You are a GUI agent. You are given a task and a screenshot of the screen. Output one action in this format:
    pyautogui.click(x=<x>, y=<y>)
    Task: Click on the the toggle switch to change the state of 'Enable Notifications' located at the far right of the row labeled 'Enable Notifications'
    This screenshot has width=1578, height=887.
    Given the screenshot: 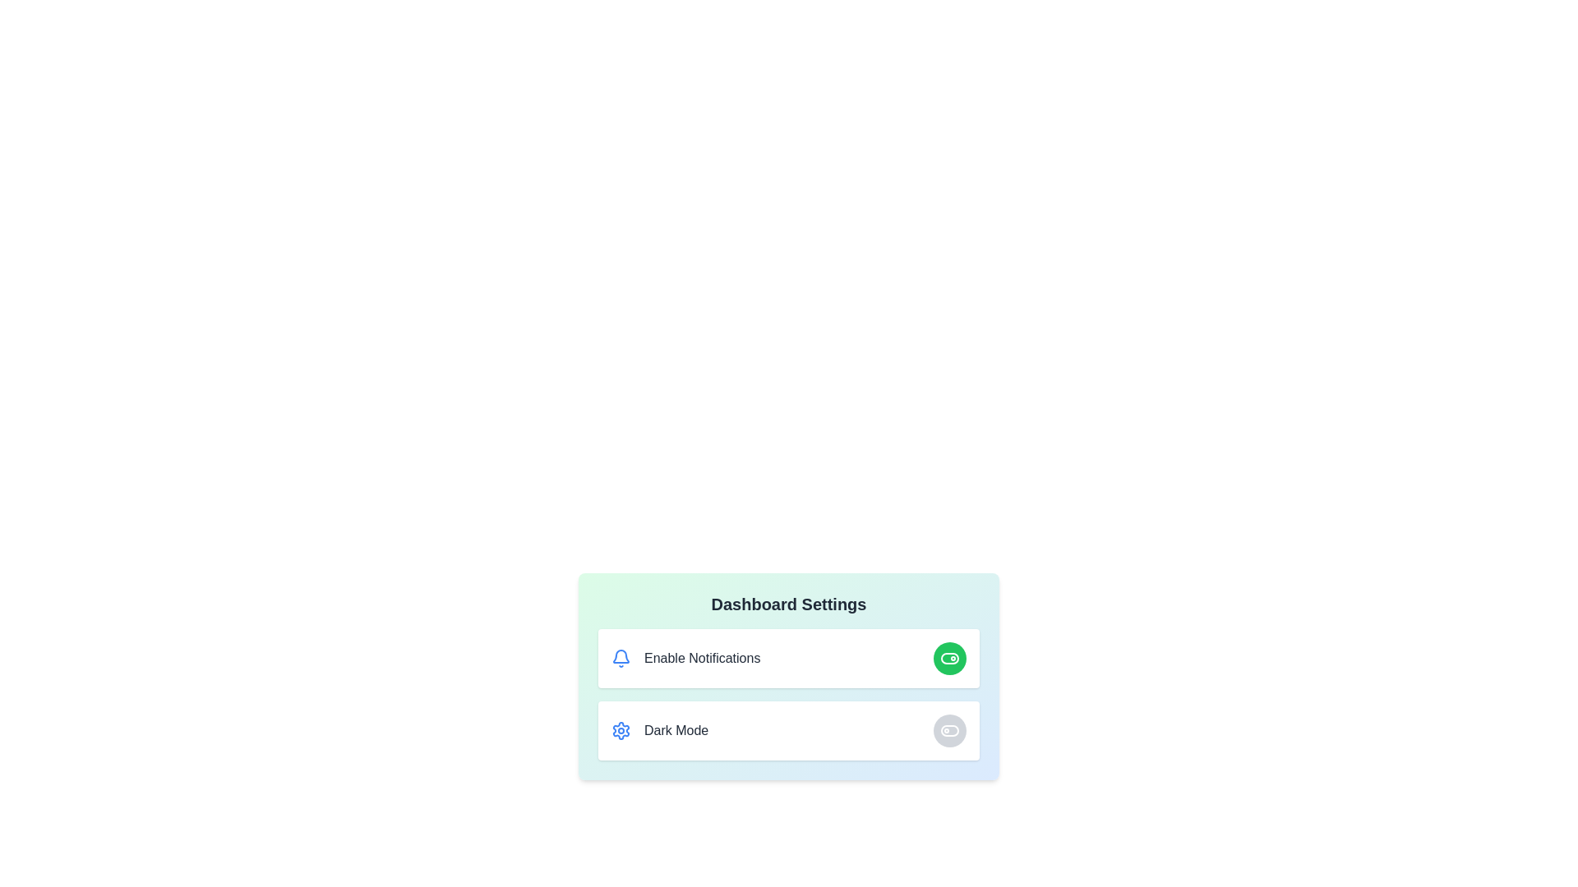 What is the action you would take?
    pyautogui.click(x=950, y=658)
    